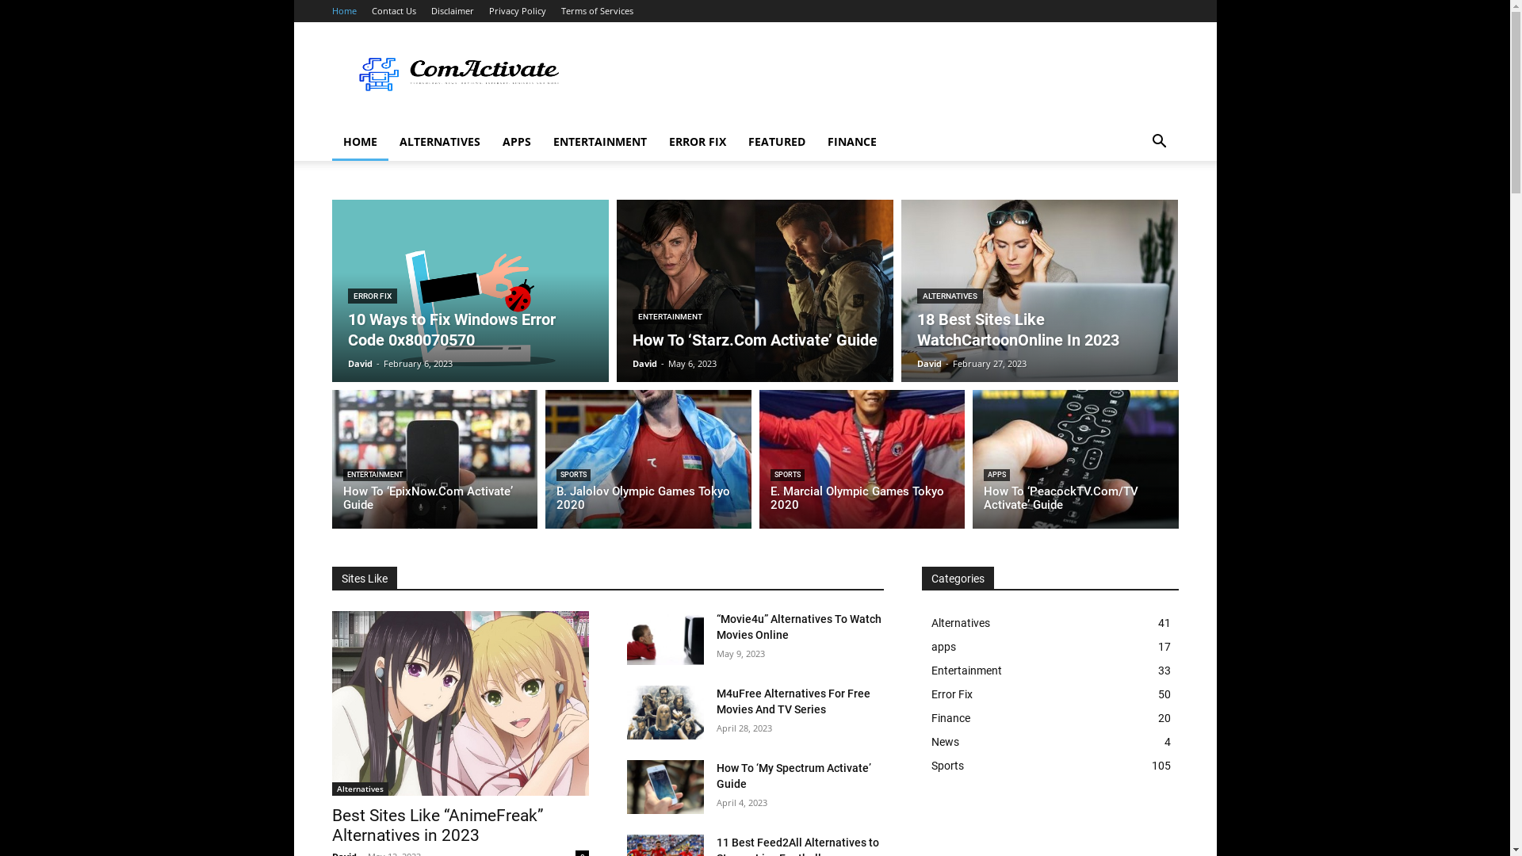  What do you see at coordinates (950, 296) in the screenshot?
I see `'ALTERNATIVES'` at bounding box center [950, 296].